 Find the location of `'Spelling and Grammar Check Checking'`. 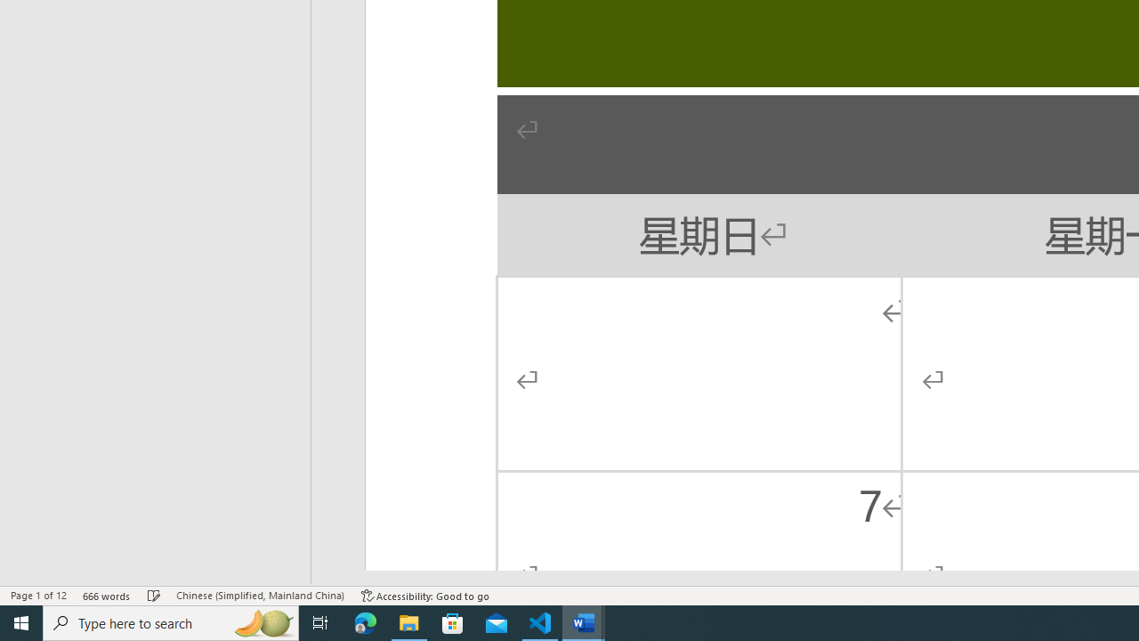

'Spelling and Grammar Check Checking' is located at coordinates (154, 596).